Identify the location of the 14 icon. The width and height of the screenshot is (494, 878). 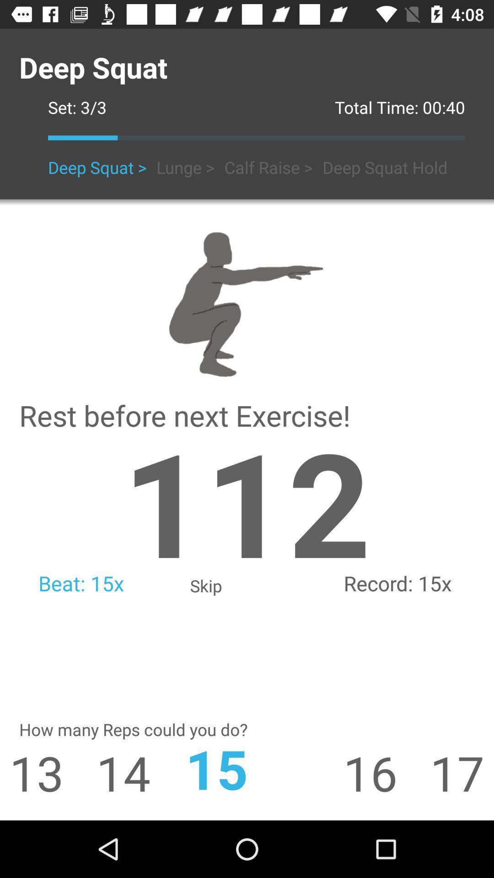
(107, 772).